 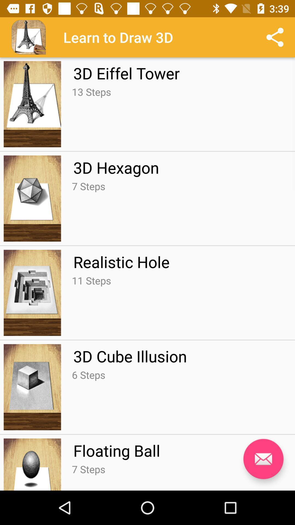 I want to click on the app above 11 steps icon, so click(x=121, y=261).